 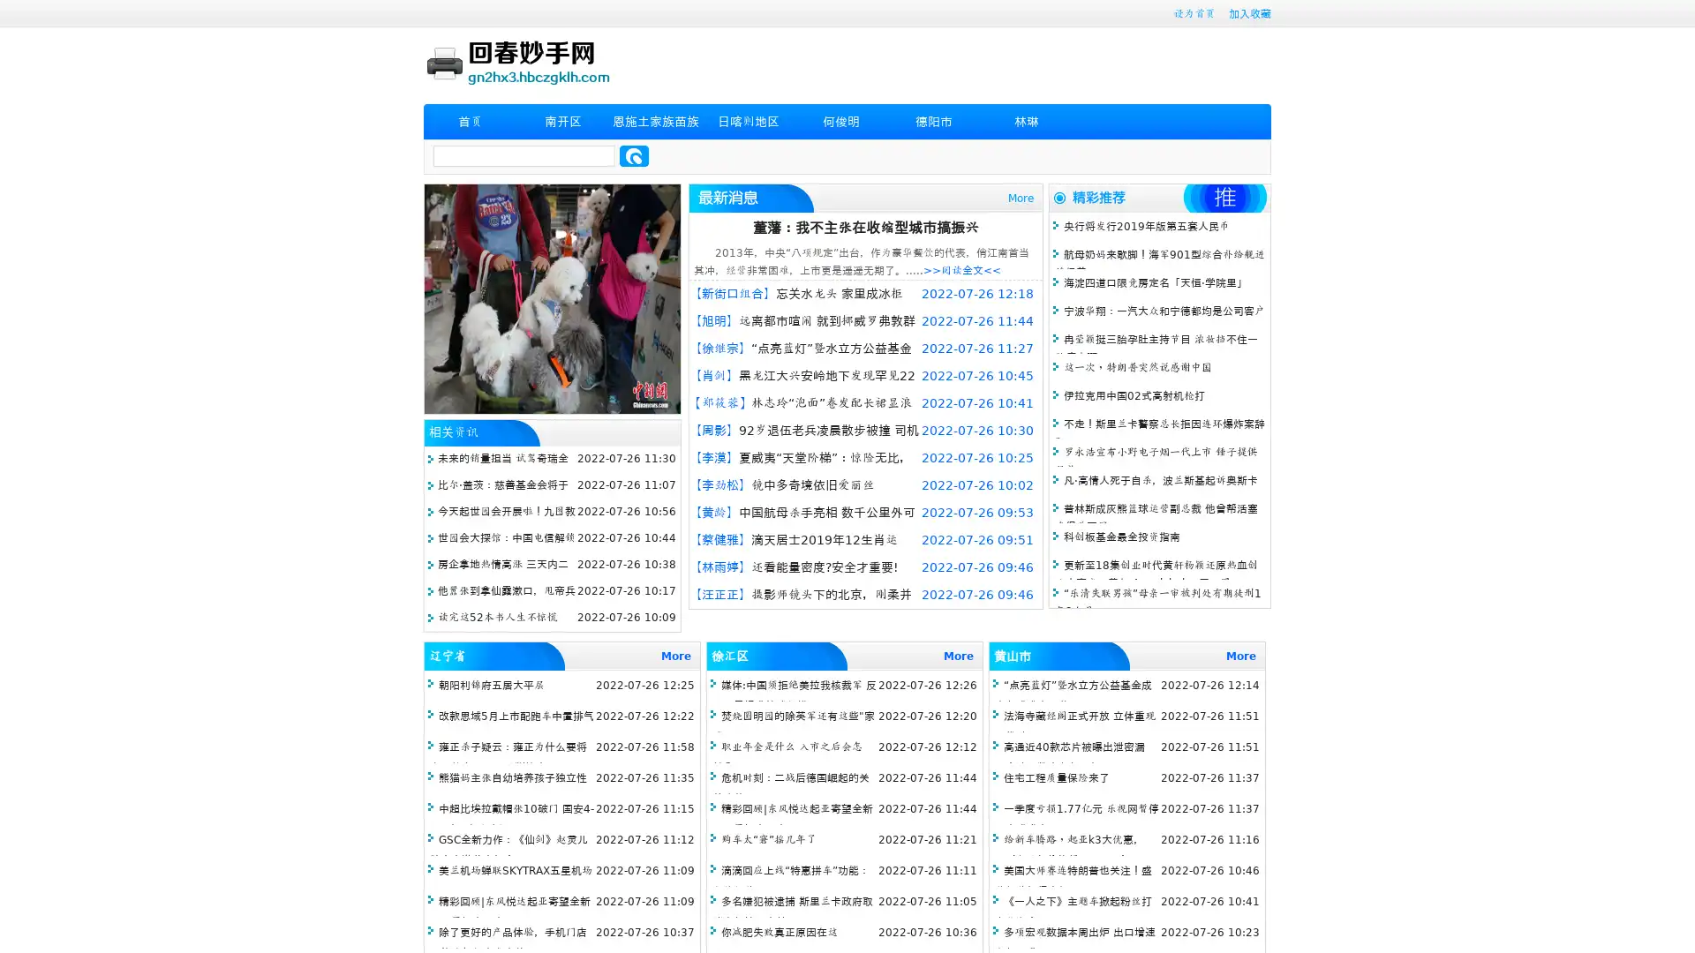 I want to click on Search, so click(x=634, y=155).